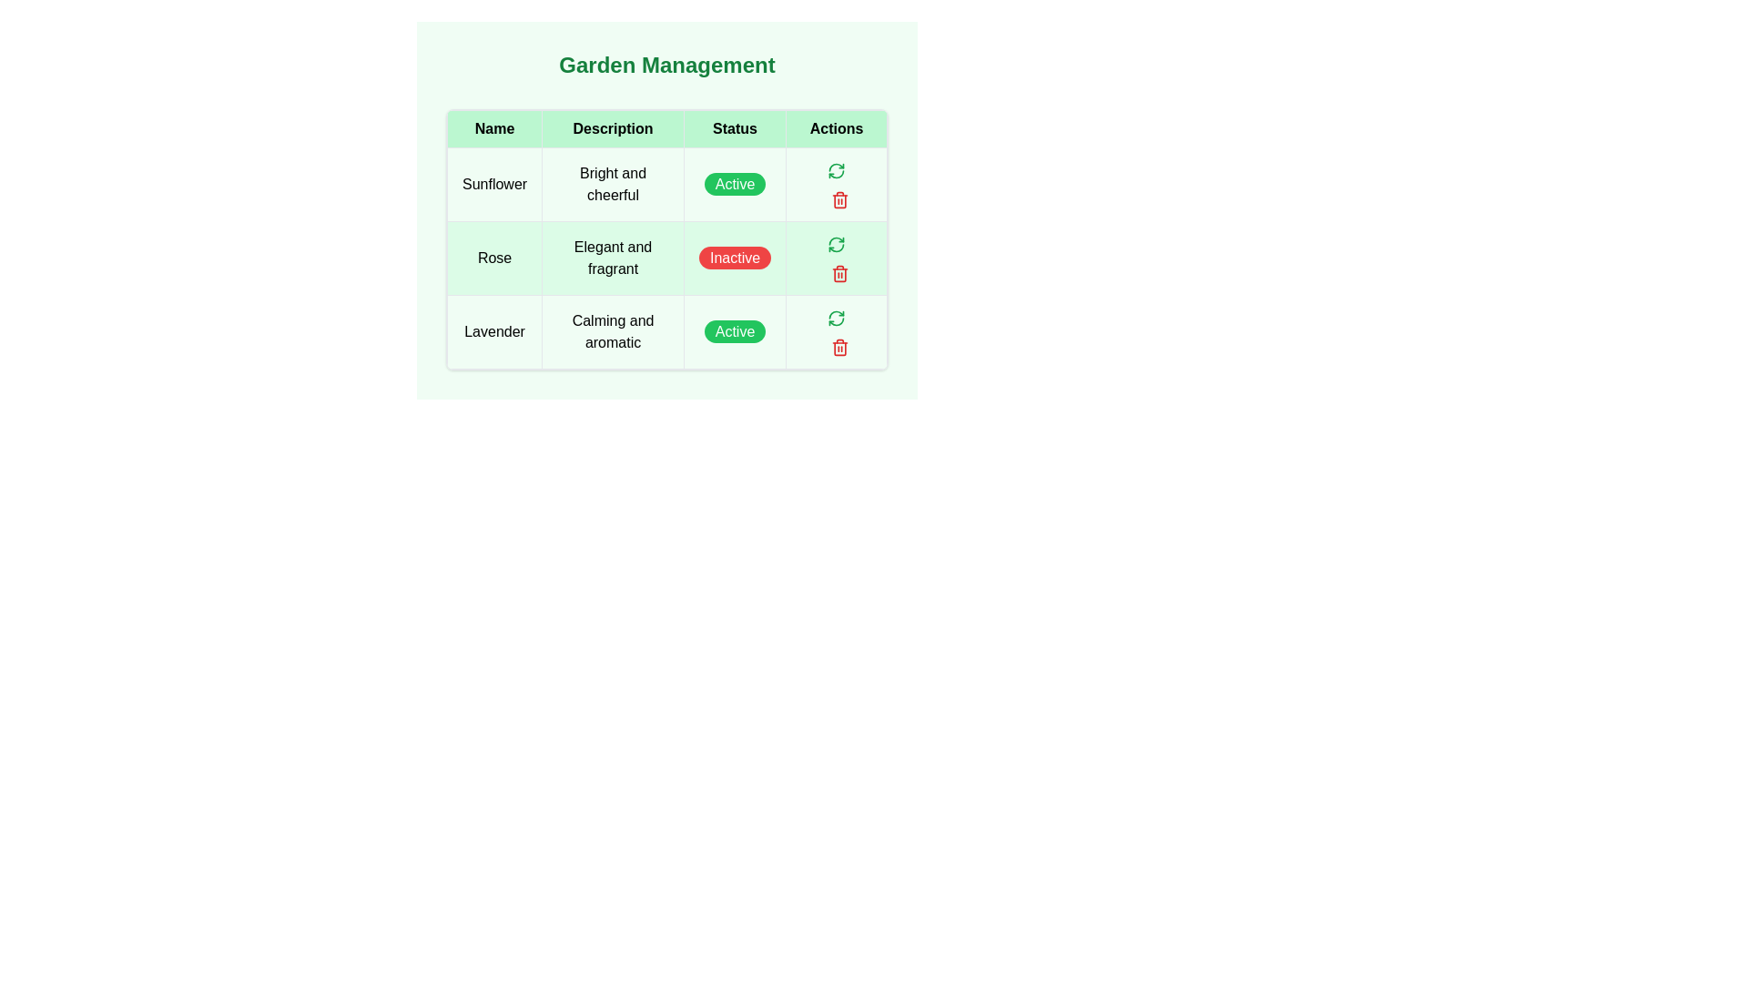  Describe the element at coordinates (735, 332) in the screenshot. I see `the 'Active' status badge for the item 'Lavender' in the Status column of the table` at that location.